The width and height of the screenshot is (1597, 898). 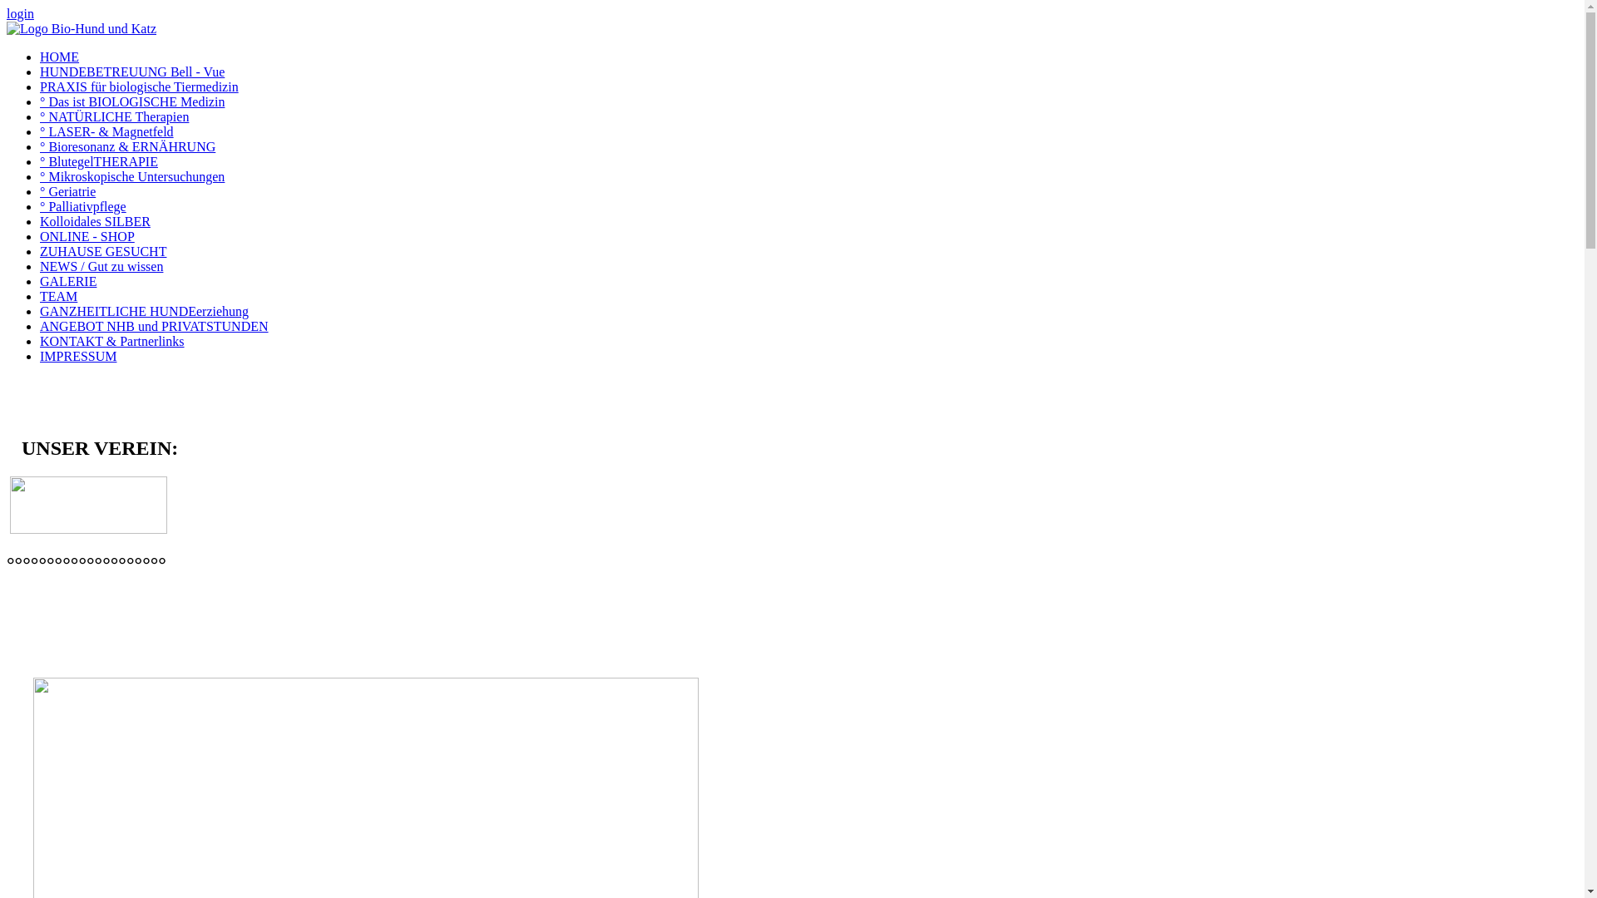 I want to click on 'ANGEBOT NHB und PRIVATSTUNDEN', so click(x=40, y=326).